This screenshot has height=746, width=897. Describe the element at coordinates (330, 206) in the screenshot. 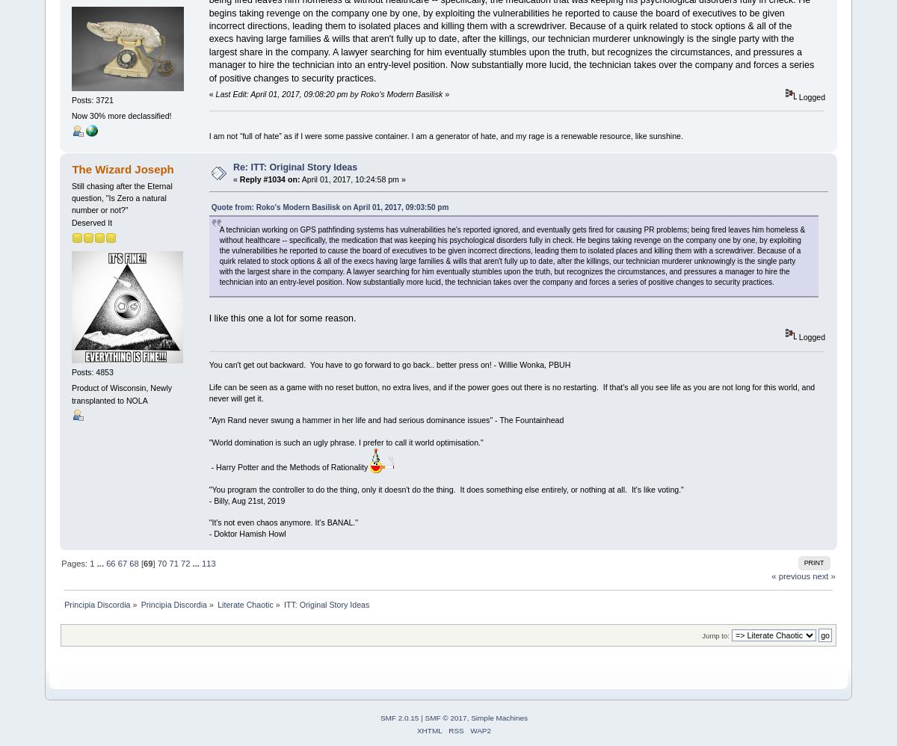

I see `'Quote from: Roko's Modern Basilisk on April 01, 2017, 09:03:50 pm'` at that location.